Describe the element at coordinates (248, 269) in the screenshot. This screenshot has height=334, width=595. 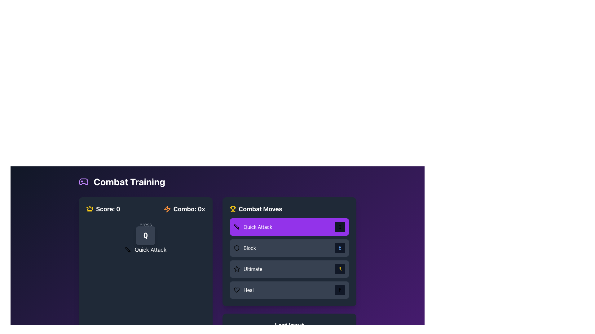
I see `the 'Ultimate' ability button located in the 'Combat Moves' section` at that location.